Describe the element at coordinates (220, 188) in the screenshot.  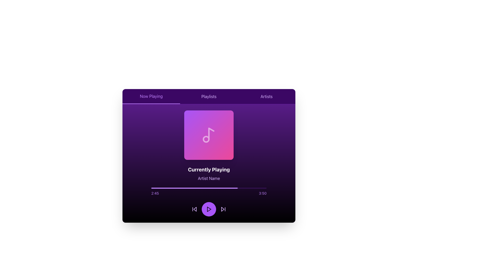
I see `the media playback position` at that location.